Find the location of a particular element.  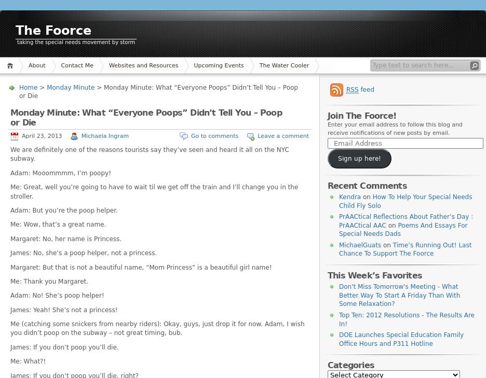

'Me: Great, well you’re going to have to wait til we get off the train and I’ll change you in the stroller.' is located at coordinates (154, 191).